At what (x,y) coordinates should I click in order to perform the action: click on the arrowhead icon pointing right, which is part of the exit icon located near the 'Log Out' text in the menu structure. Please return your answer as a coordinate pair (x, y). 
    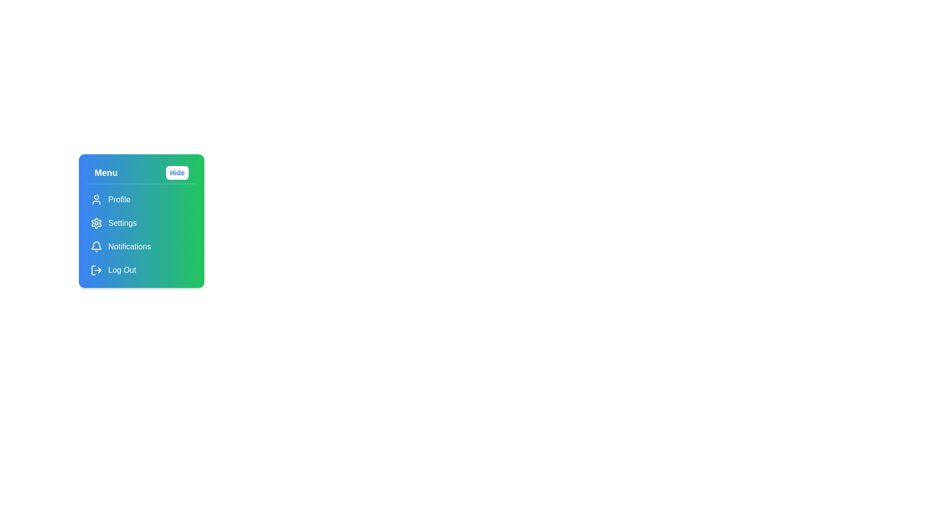
    Looking at the image, I should click on (99, 270).